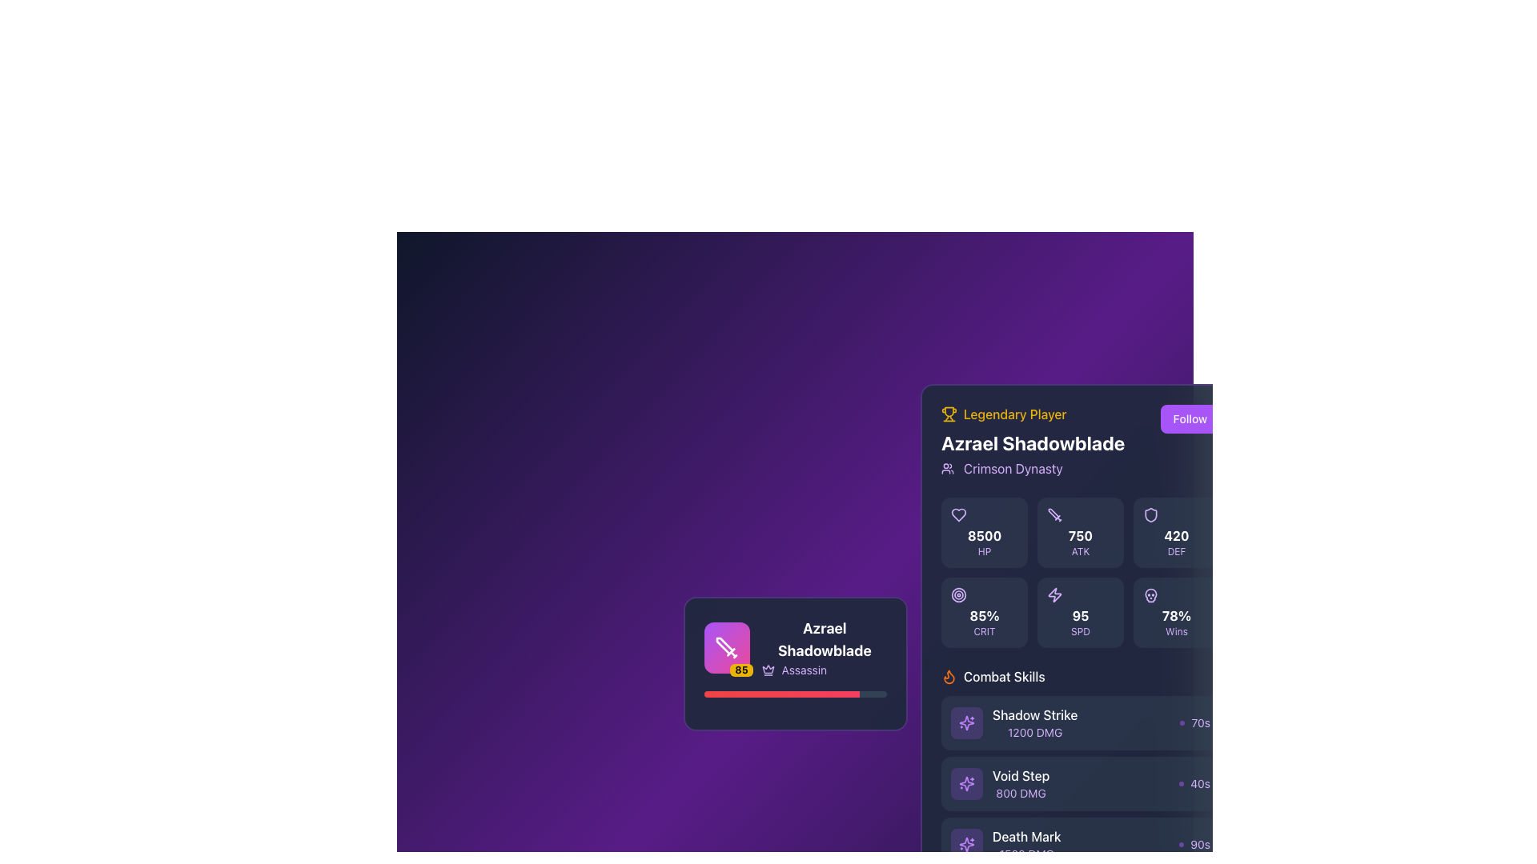  Describe the element at coordinates (1190, 418) in the screenshot. I see `the 'Follow' button with a solid purple background and white text to observe its hover effects` at that location.